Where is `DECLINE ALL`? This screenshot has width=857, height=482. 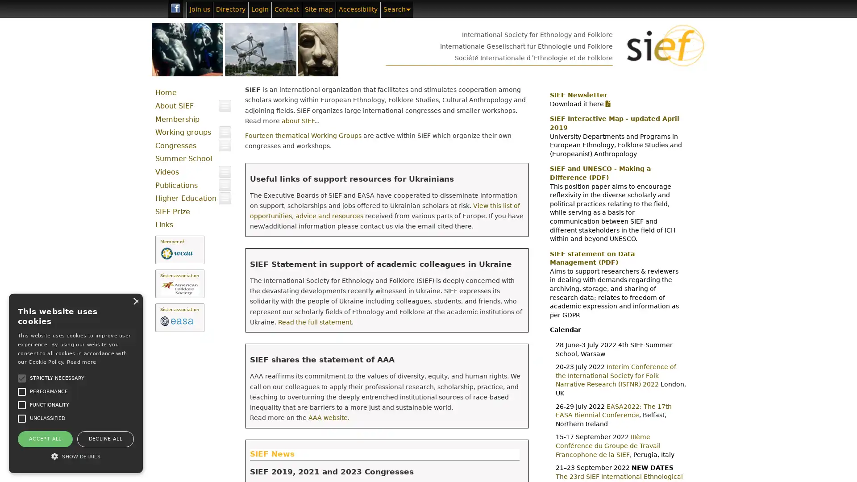
DECLINE ALL is located at coordinates (105, 438).